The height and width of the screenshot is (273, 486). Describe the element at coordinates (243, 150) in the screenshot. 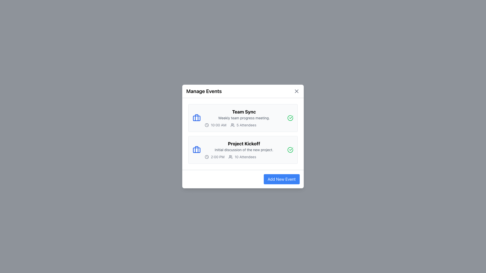

I see `on the 'Project Kickoff' Event card, which is the second card in the list of events` at that location.